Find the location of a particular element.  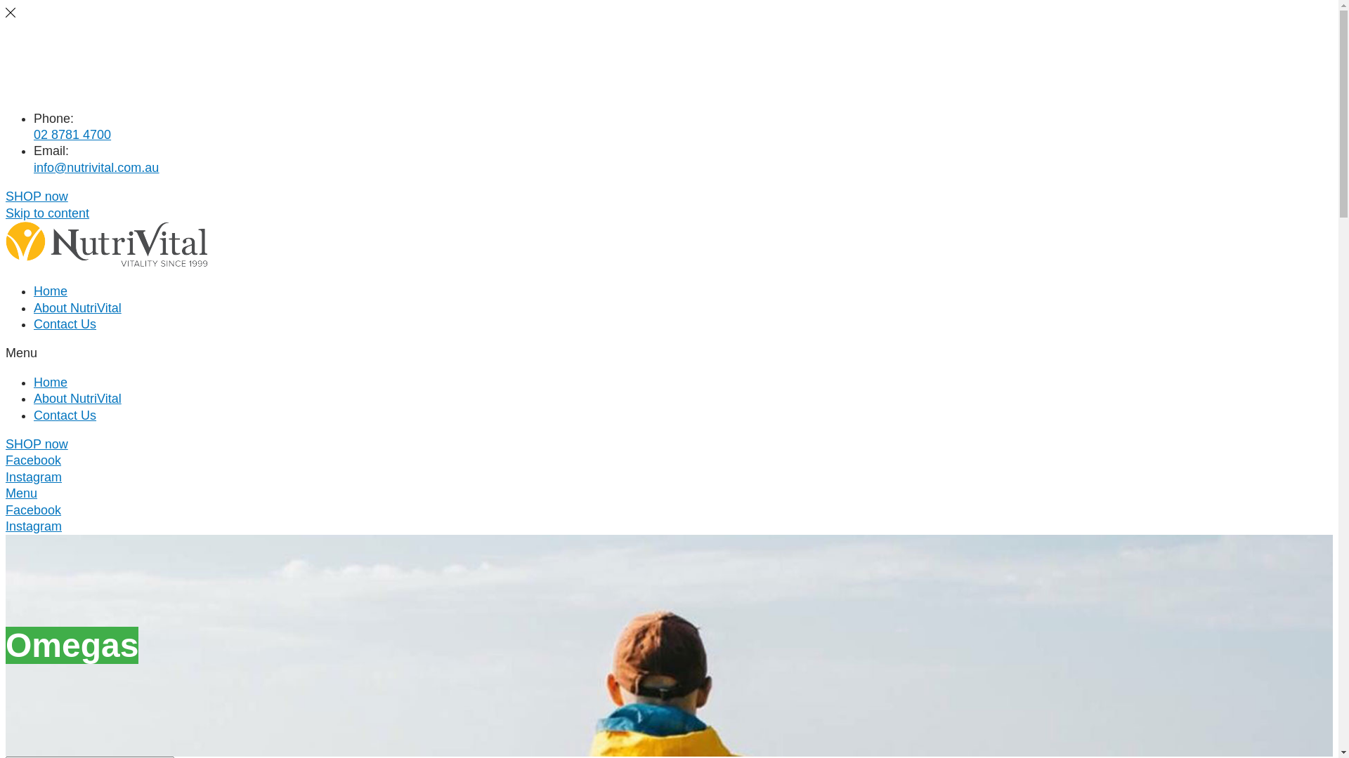

'Home' is located at coordinates (34, 382).